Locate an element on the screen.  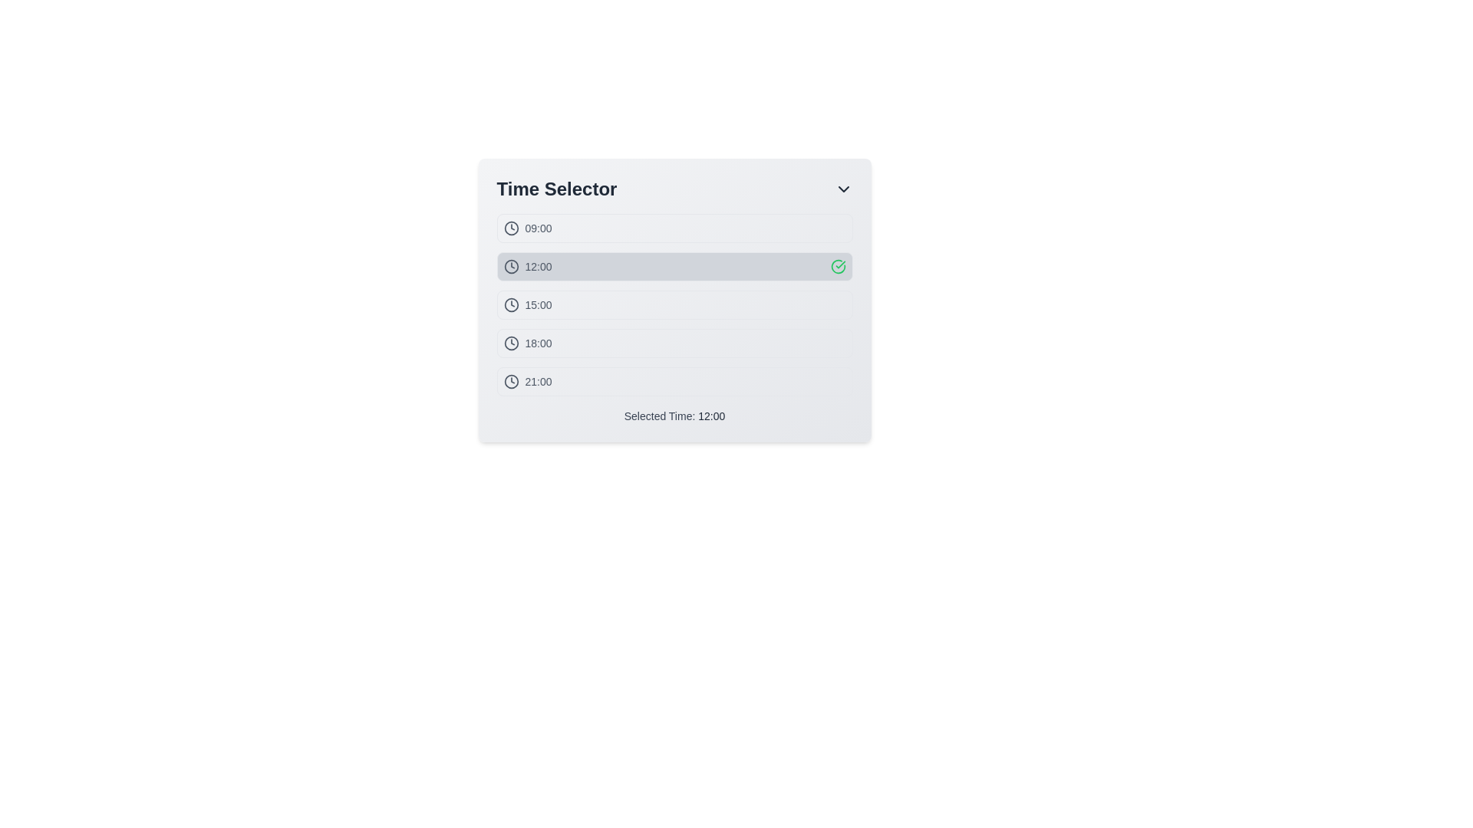
the circular element representing the clock face in the SVG graphic located next to the '09:00' option in the time selection list is located at coordinates (511, 228).